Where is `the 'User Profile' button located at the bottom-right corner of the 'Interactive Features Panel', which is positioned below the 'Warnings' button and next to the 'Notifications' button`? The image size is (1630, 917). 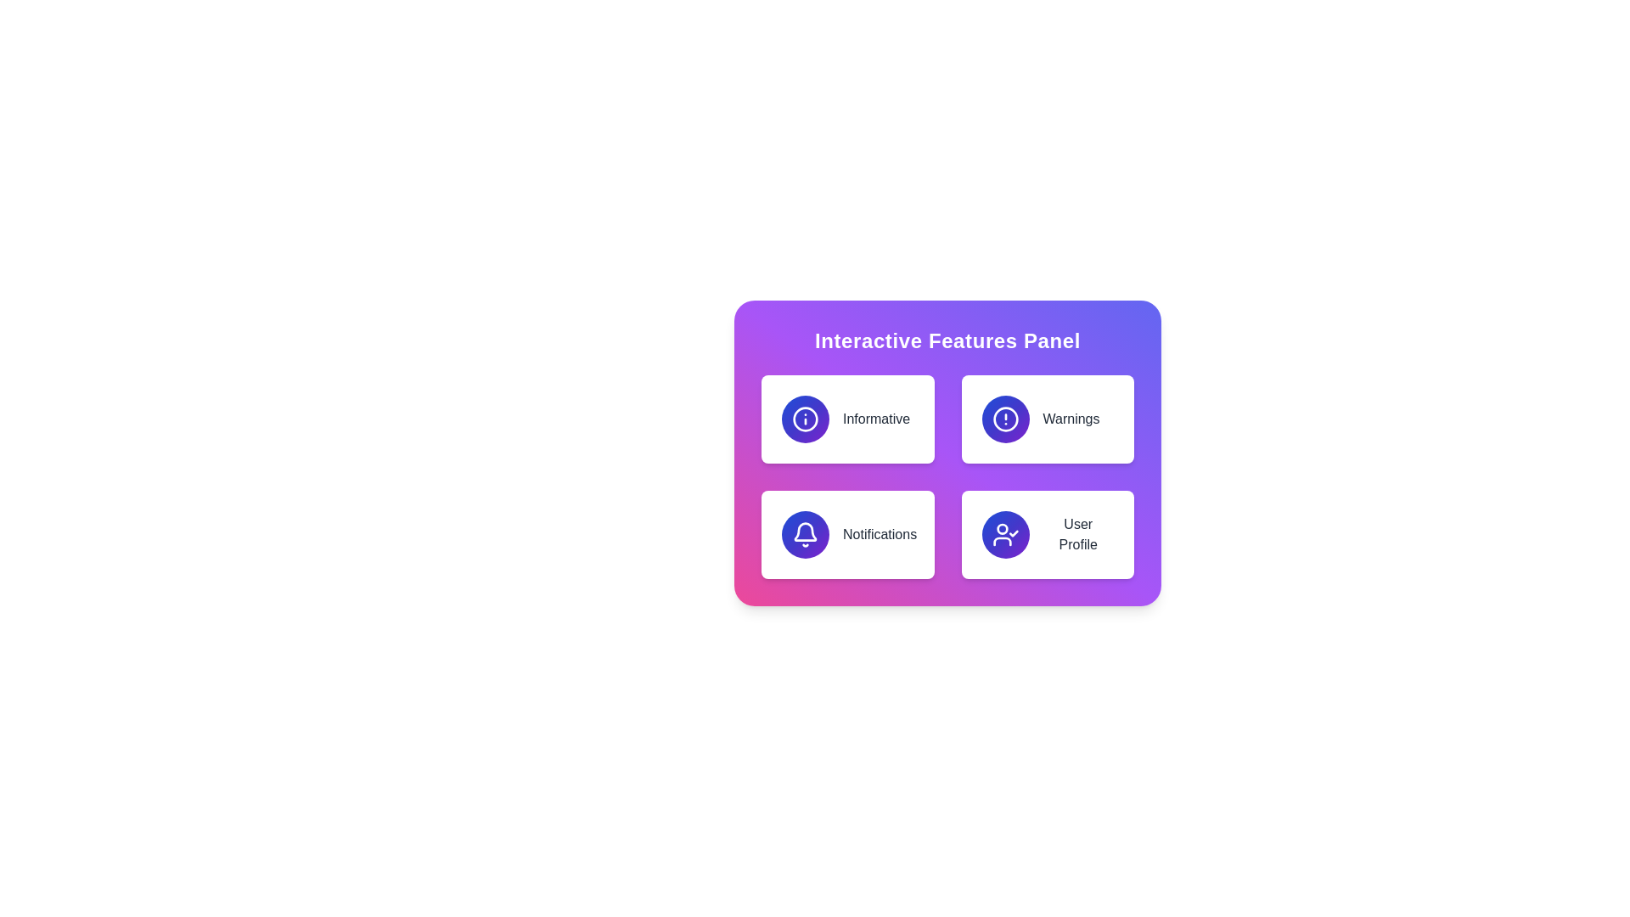 the 'User Profile' button located at the bottom-right corner of the 'Interactive Features Panel', which is positioned below the 'Warnings' button and next to the 'Notifications' button is located at coordinates (1005, 533).